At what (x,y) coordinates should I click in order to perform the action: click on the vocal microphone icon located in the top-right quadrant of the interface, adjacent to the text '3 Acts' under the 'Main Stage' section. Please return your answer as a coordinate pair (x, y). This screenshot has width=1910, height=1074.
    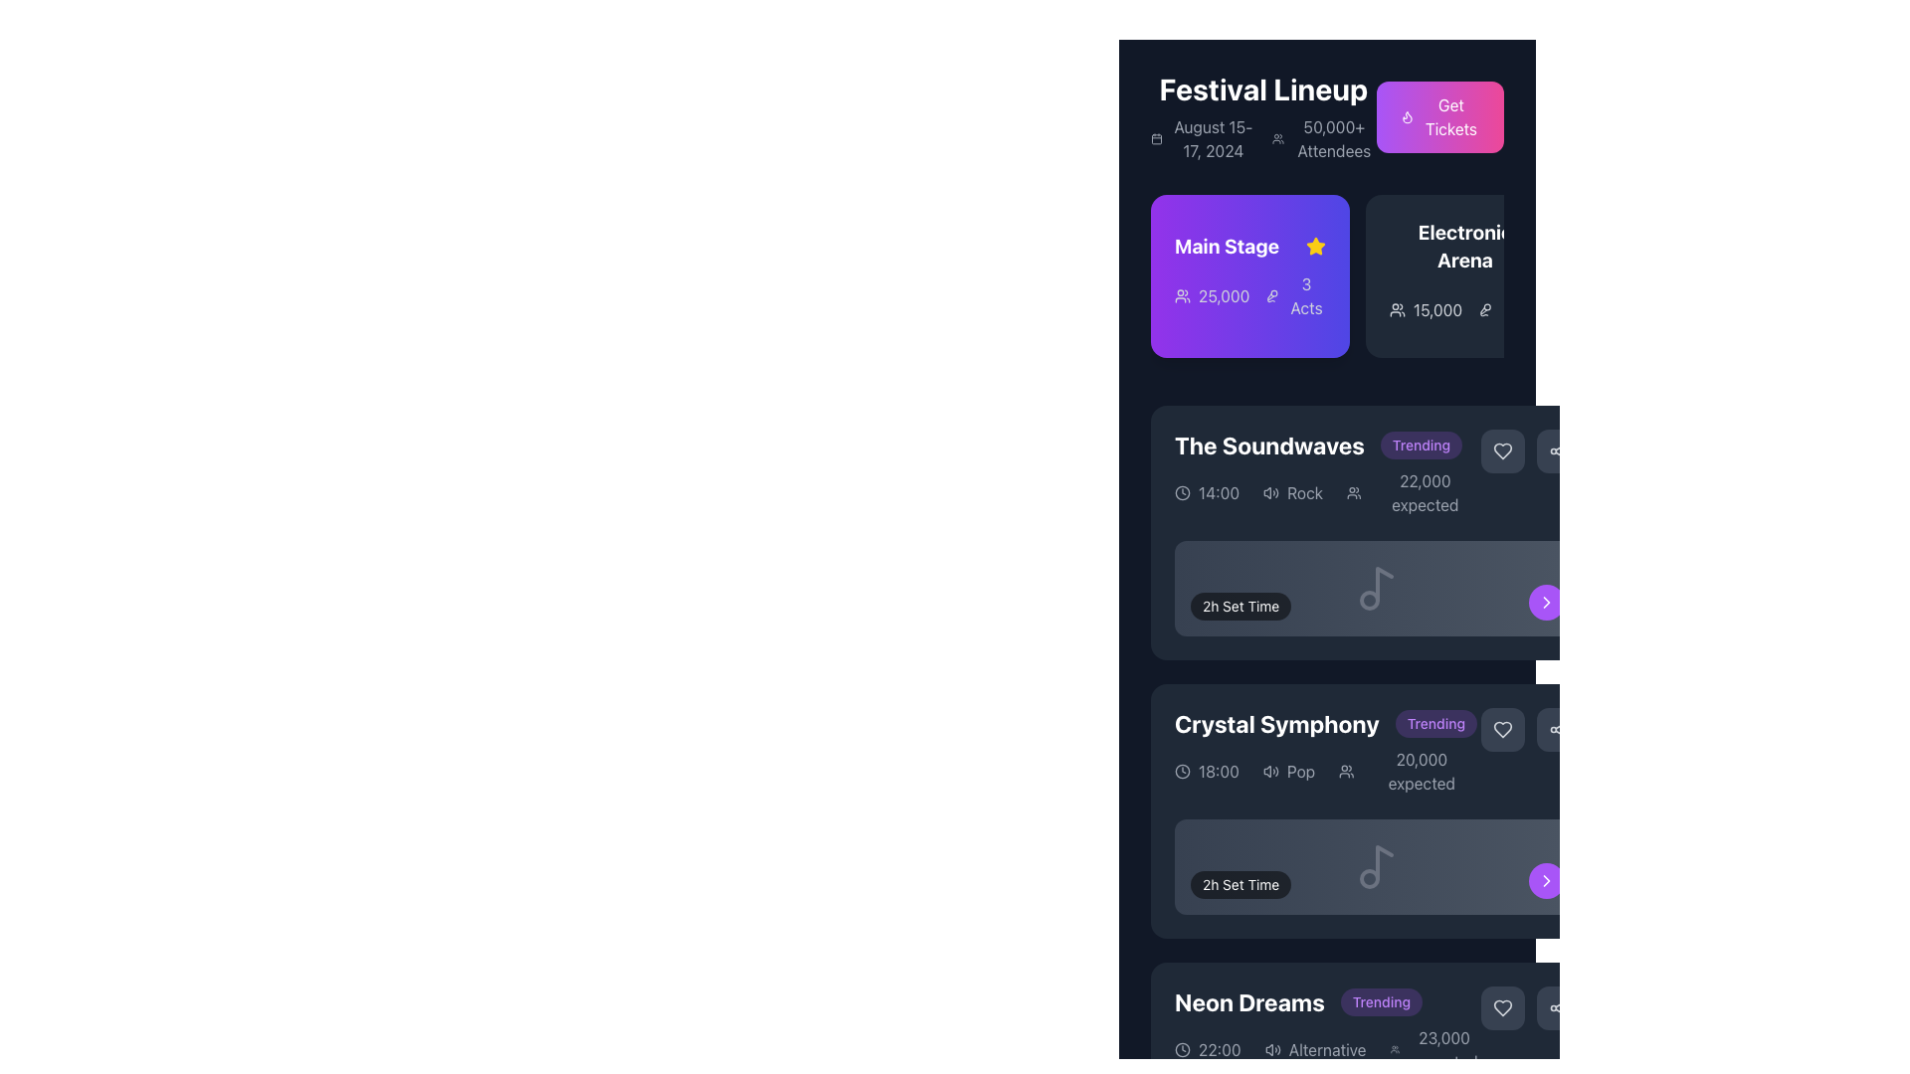
    Looking at the image, I should click on (1271, 295).